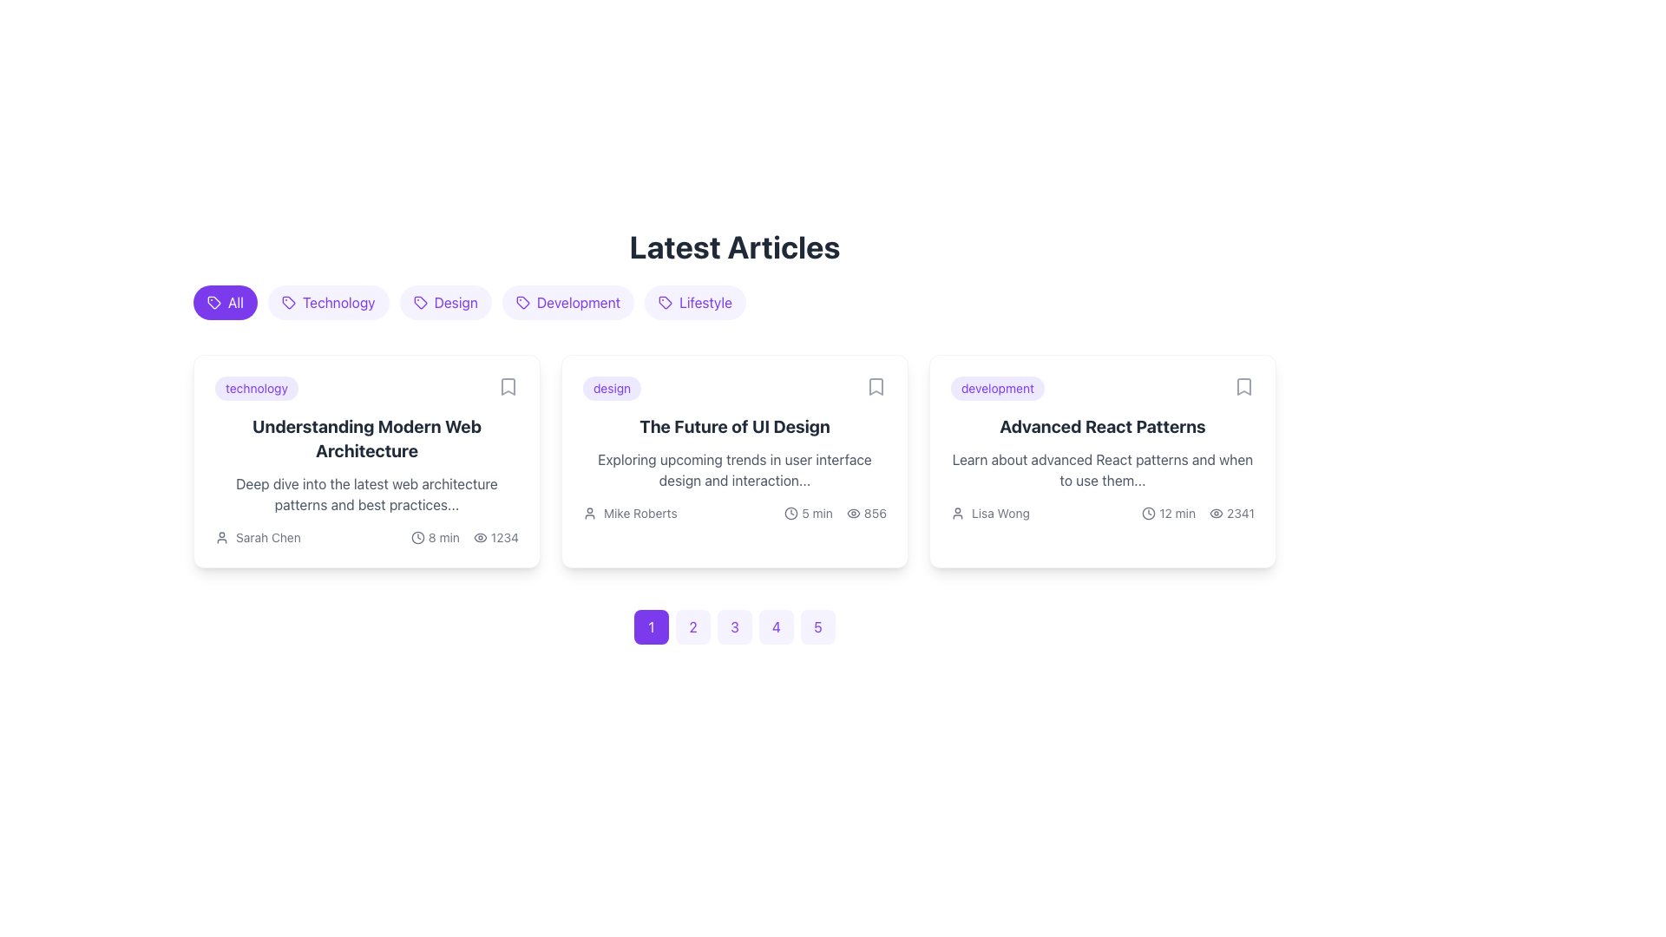 The width and height of the screenshot is (1666, 937). I want to click on the clock icon located in the leftmost article card's metadata section, which features a minimalistic circular outline and is accompanied by the label '8 min', so click(417, 537).